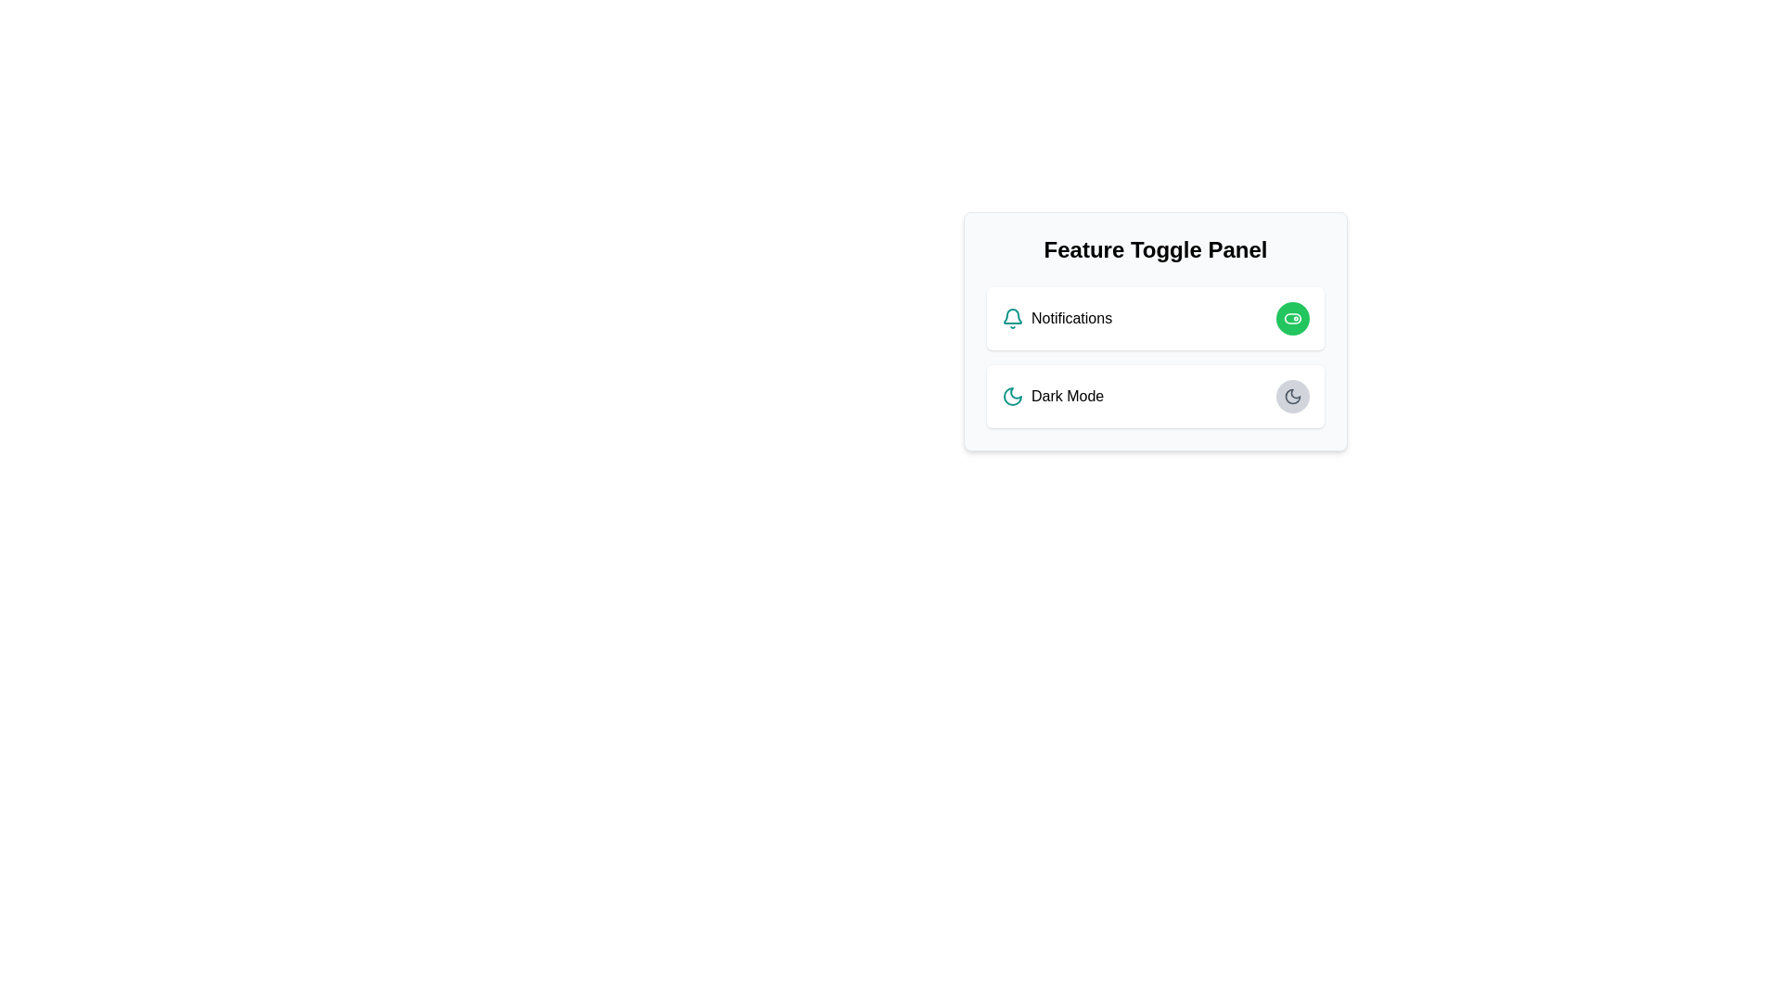 The image size is (1781, 1001). I want to click on the 'Notifications' label with an icon in the Feature Toggle Panel, so click(1057, 317).